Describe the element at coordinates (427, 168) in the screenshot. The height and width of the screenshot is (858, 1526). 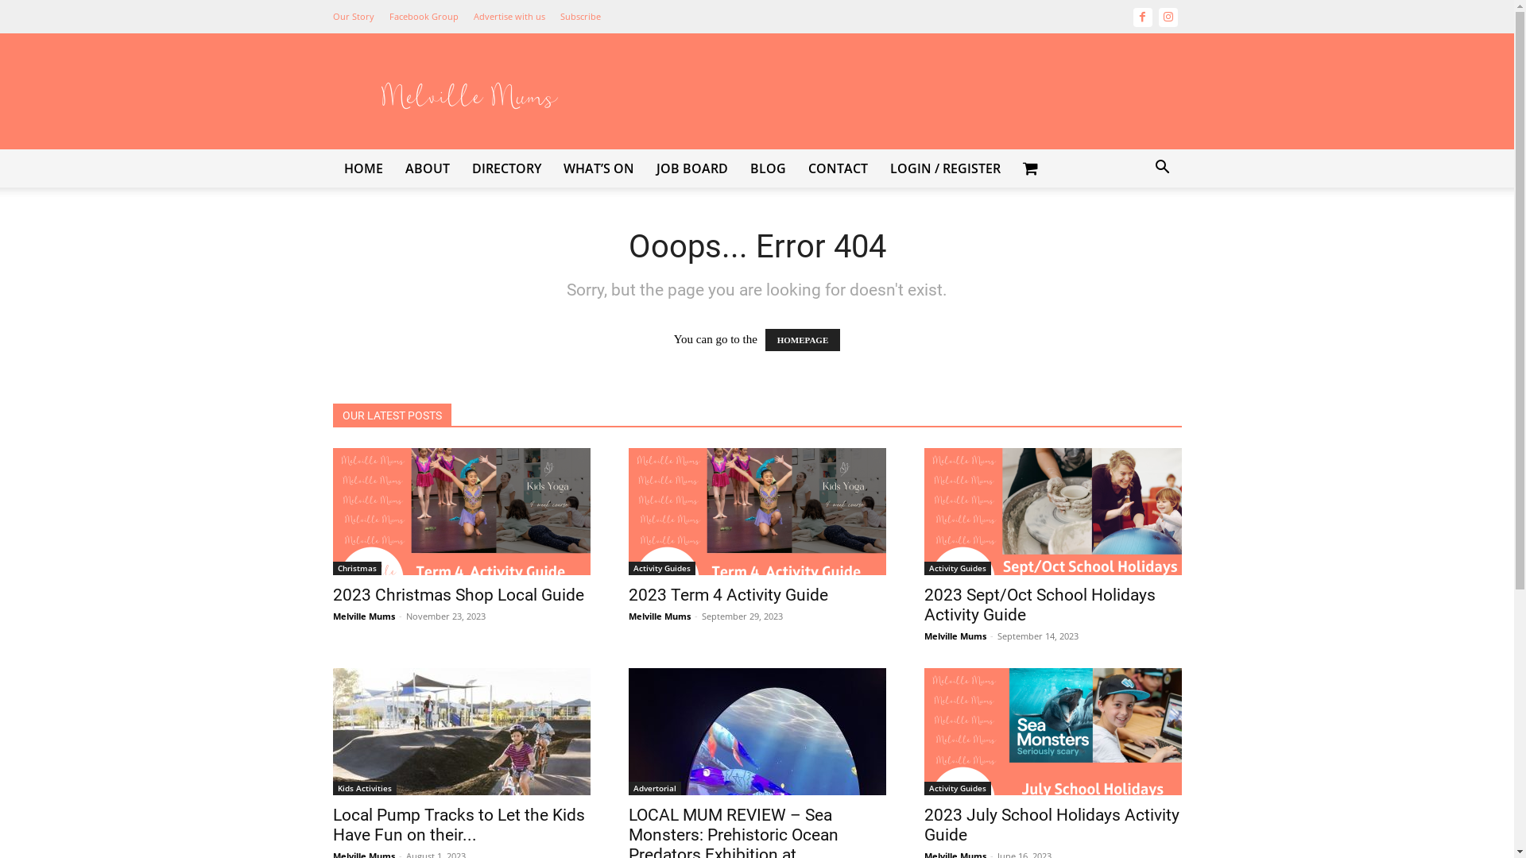
I see `'ABOUT'` at that location.